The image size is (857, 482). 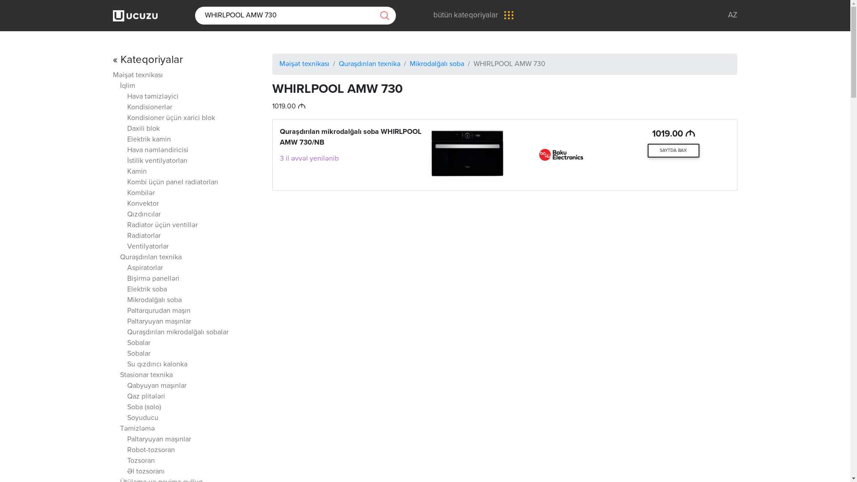 What do you see at coordinates (144, 236) in the screenshot?
I see `'Radiatorlar'` at bounding box center [144, 236].